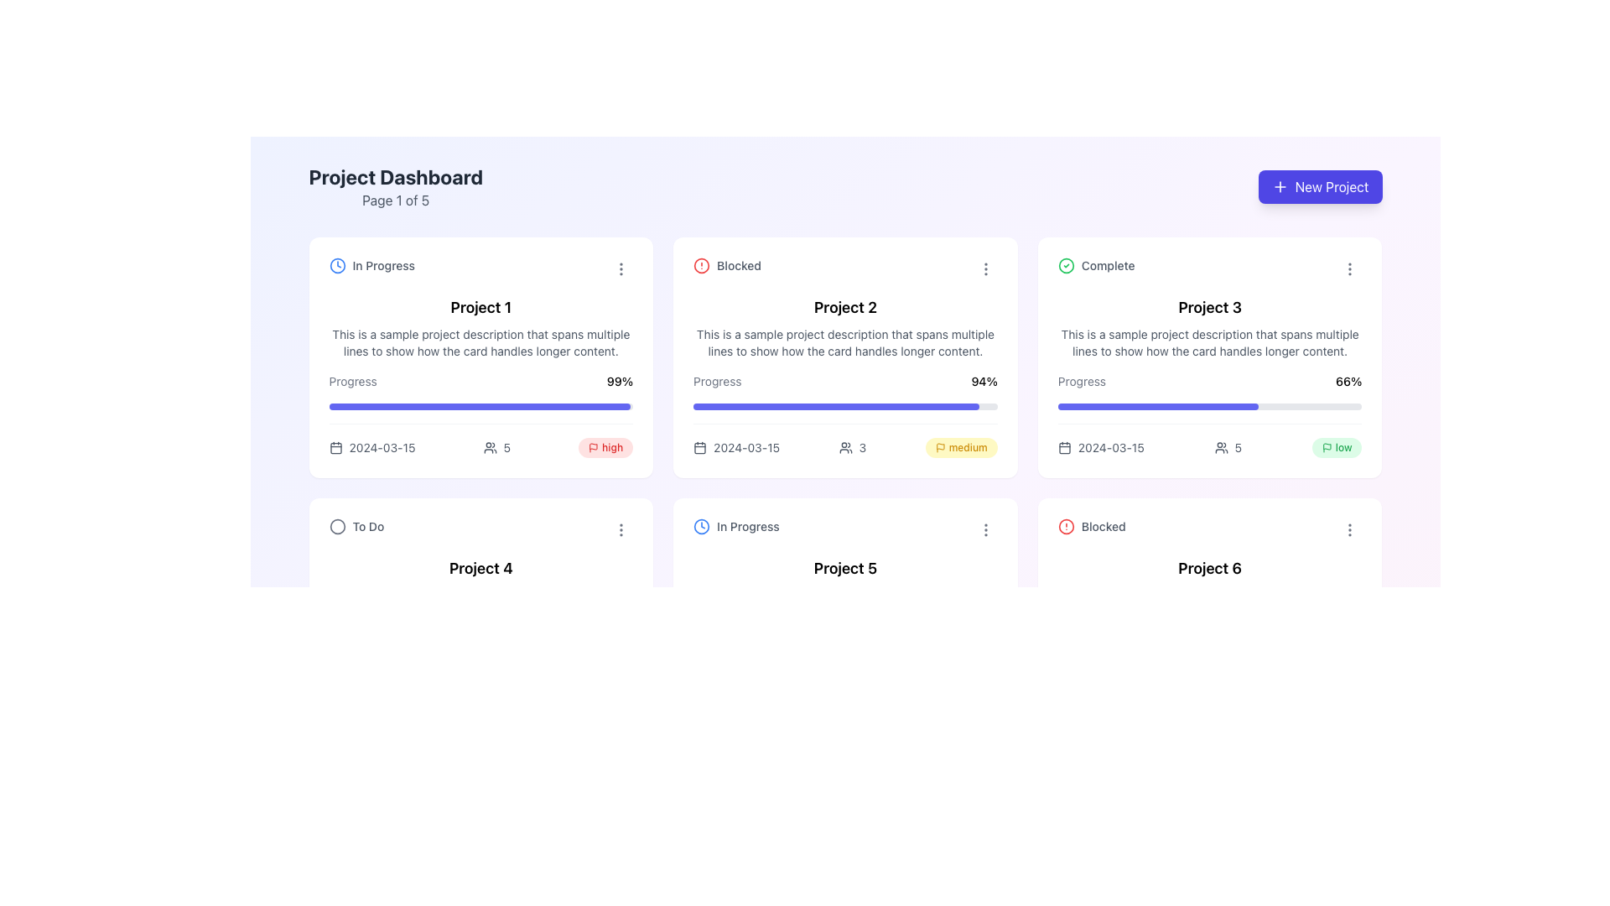  What do you see at coordinates (1092, 526) in the screenshot?
I see `the status indicated by the 'Blocked' label with an exclamation mark icon, located in the top-left corner of the 'Project 6' card` at bounding box center [1092, 526].